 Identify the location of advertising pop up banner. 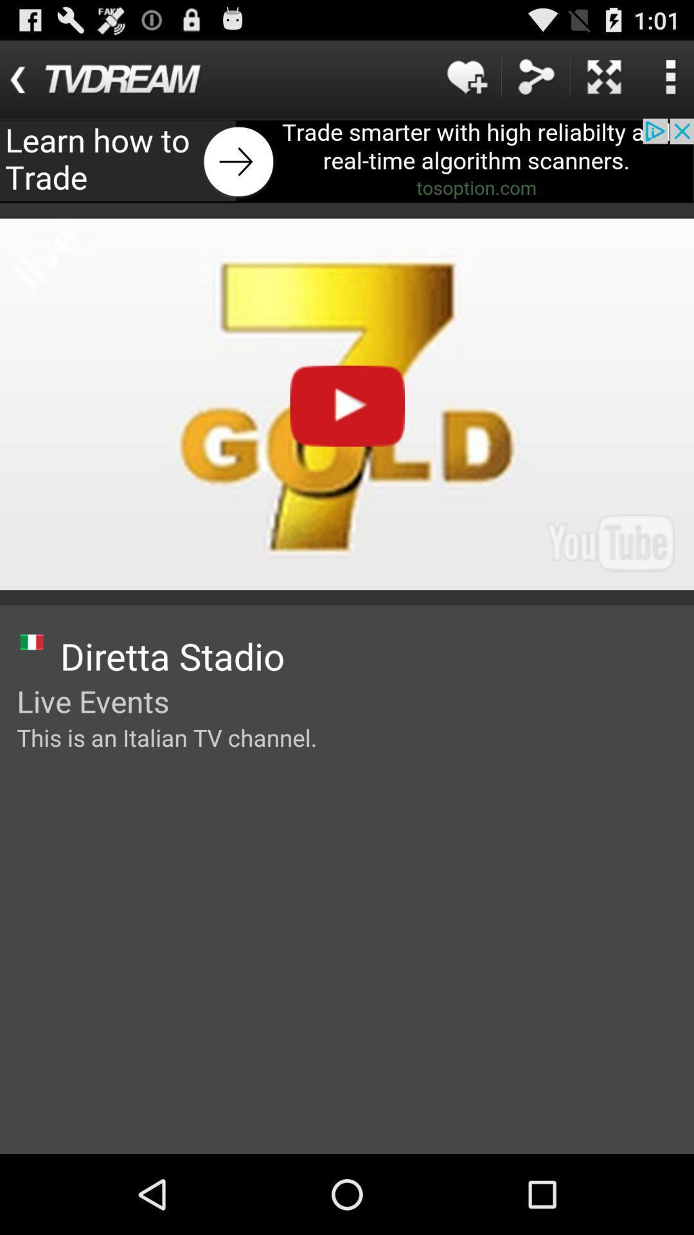
(347, 160).